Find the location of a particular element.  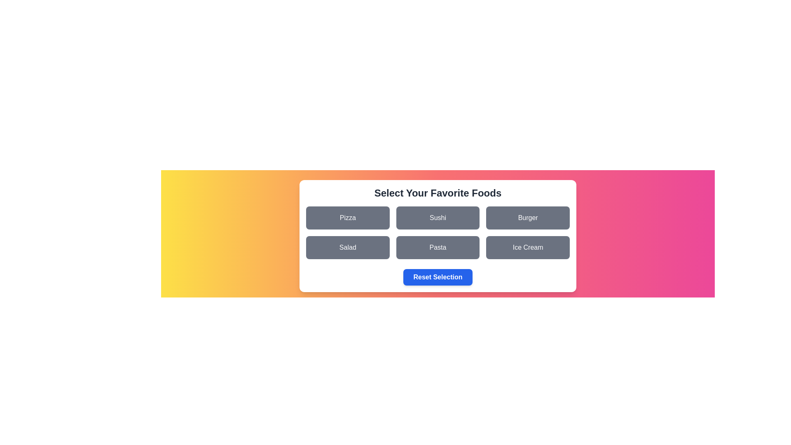

the food item Ice Cream is located at coordinates (528, 247).